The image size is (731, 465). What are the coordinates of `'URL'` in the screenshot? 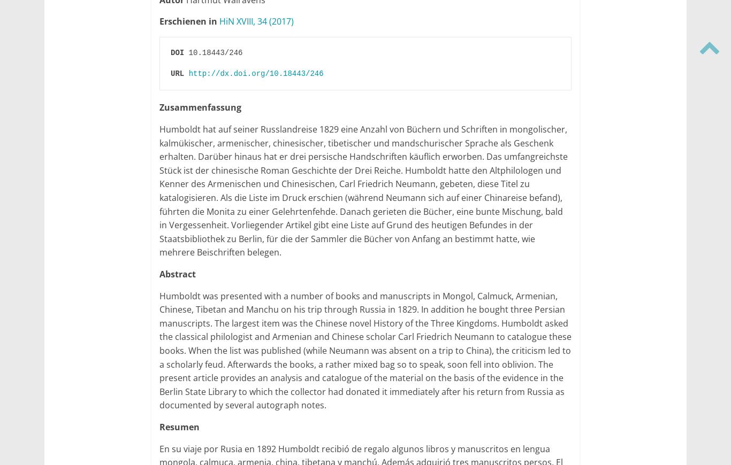 It's located at (177, 73).